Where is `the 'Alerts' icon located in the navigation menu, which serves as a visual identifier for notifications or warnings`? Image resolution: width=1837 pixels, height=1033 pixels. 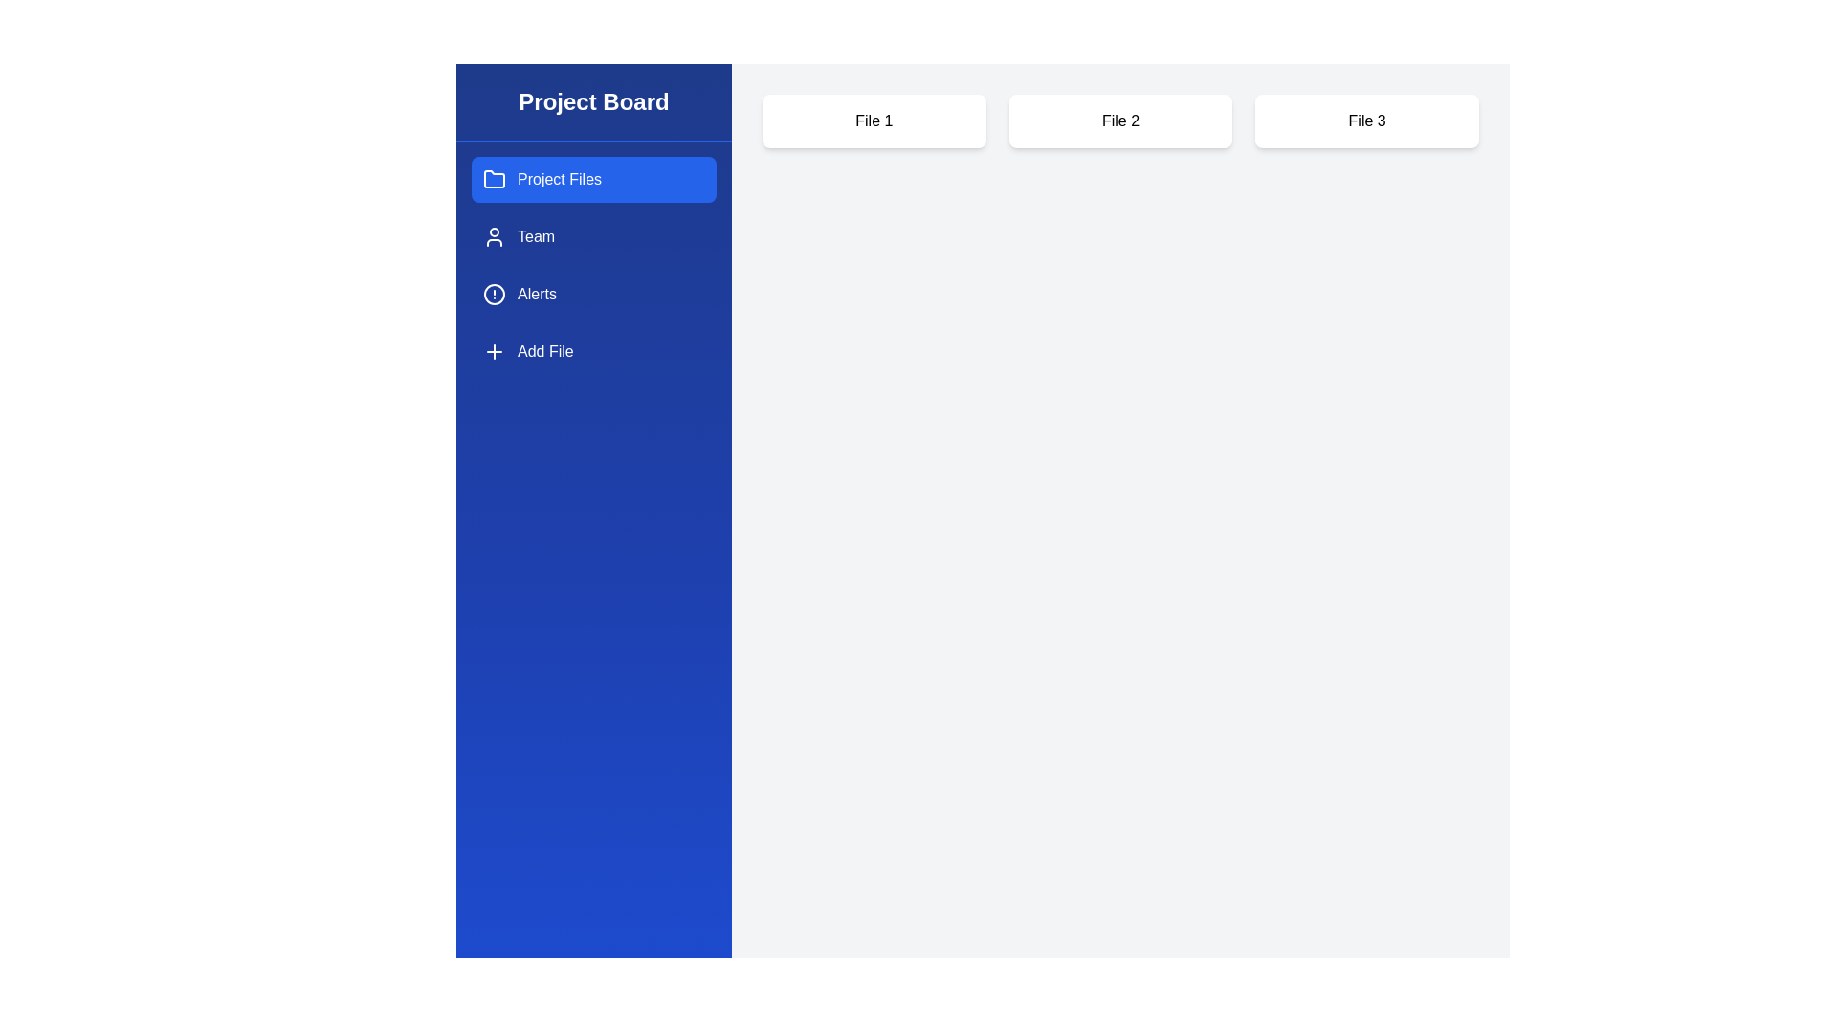
the 'Alerts' icon located in the navigation menu, which serves as a visual identifier for notifications or warnings is located at coordinates (495, 295).